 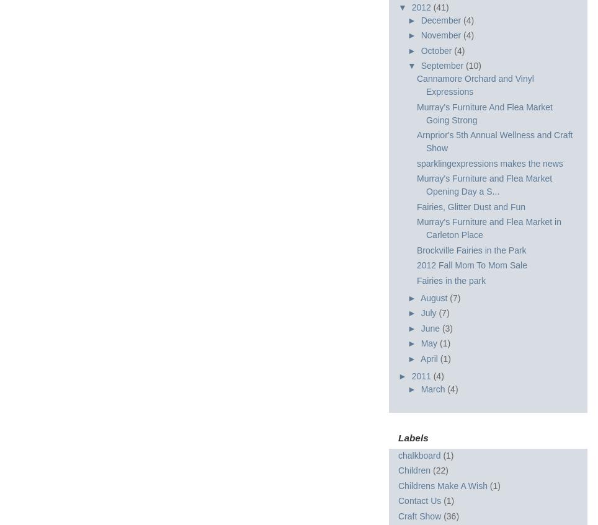 What do you see at coordinates (442, 35) in the screenshot?
I see `'November'` at bounding box center [442, 35].